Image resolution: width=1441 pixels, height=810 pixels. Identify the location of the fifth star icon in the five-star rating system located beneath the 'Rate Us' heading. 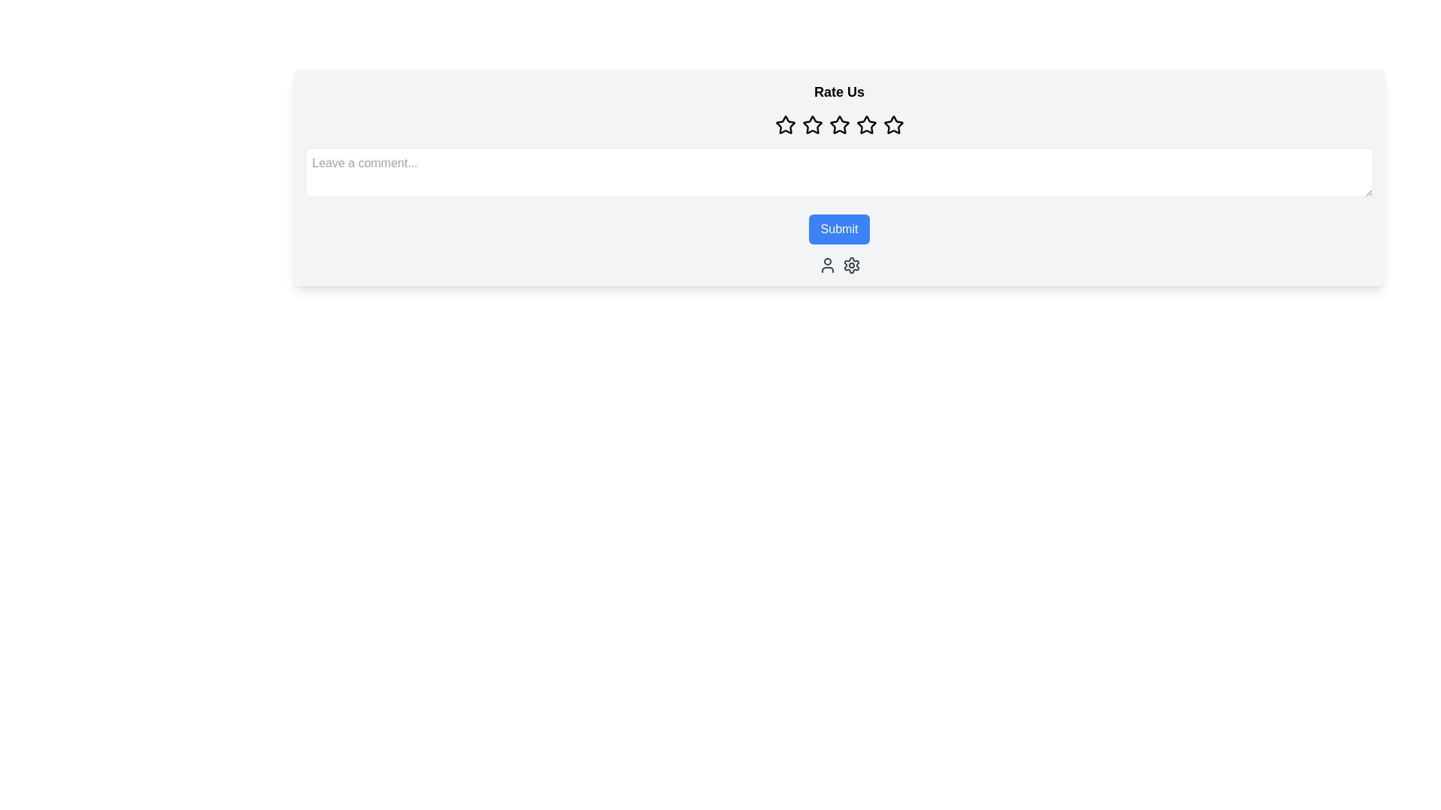
(893, 124).